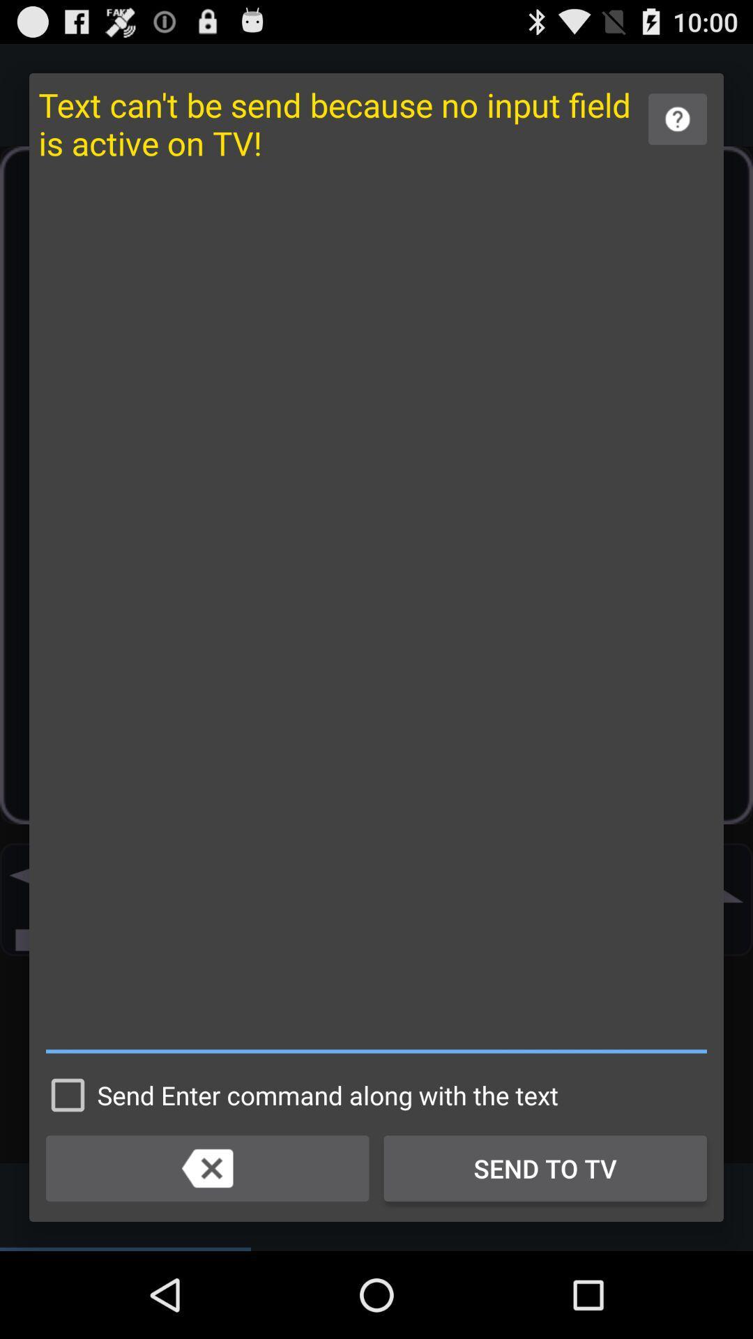  Describe the element at coordinates (376, 614) in the screenshot. I see `item above the send enter command item` at that location.